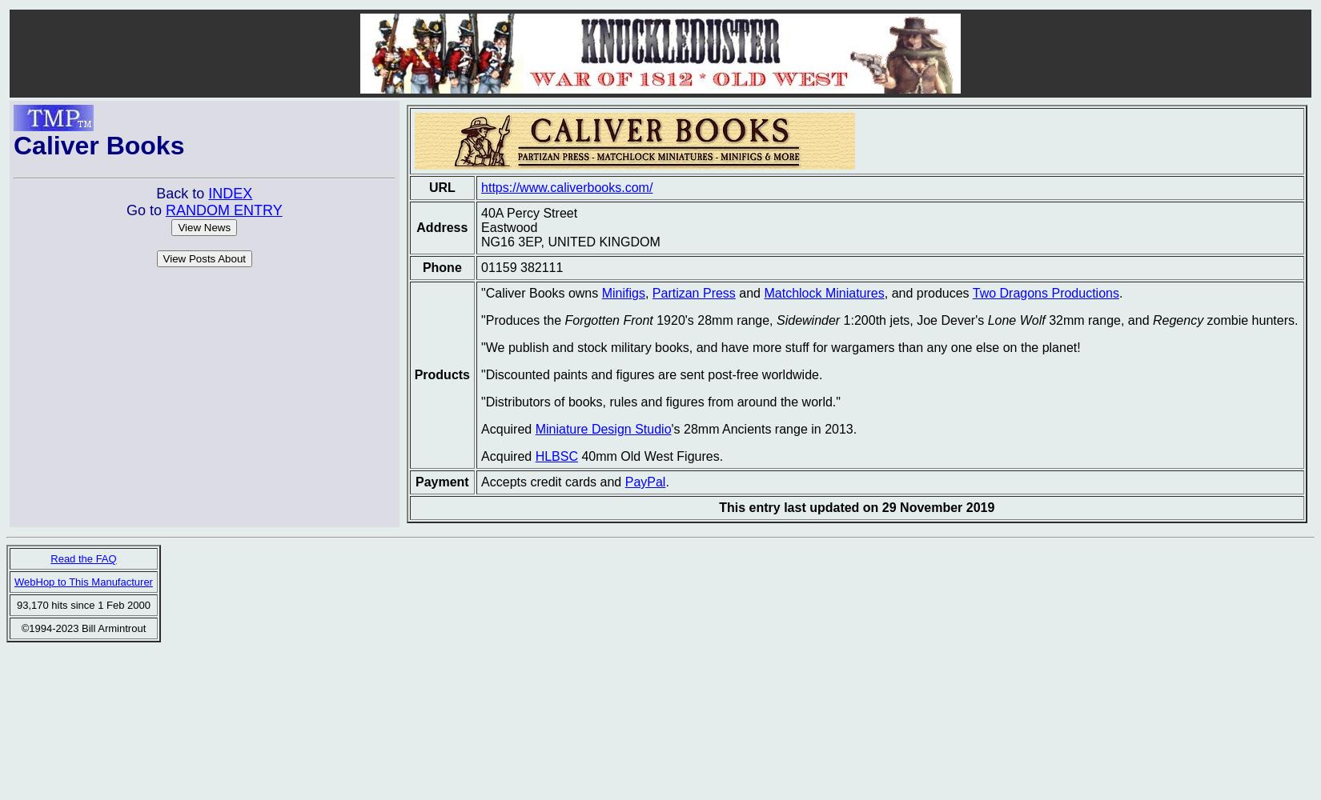 This screenshot has height=800, width=1321. Describe the element at coordinates (1044, 292) in the screenshot. I see `'Two Dragons Productions'` at that location.